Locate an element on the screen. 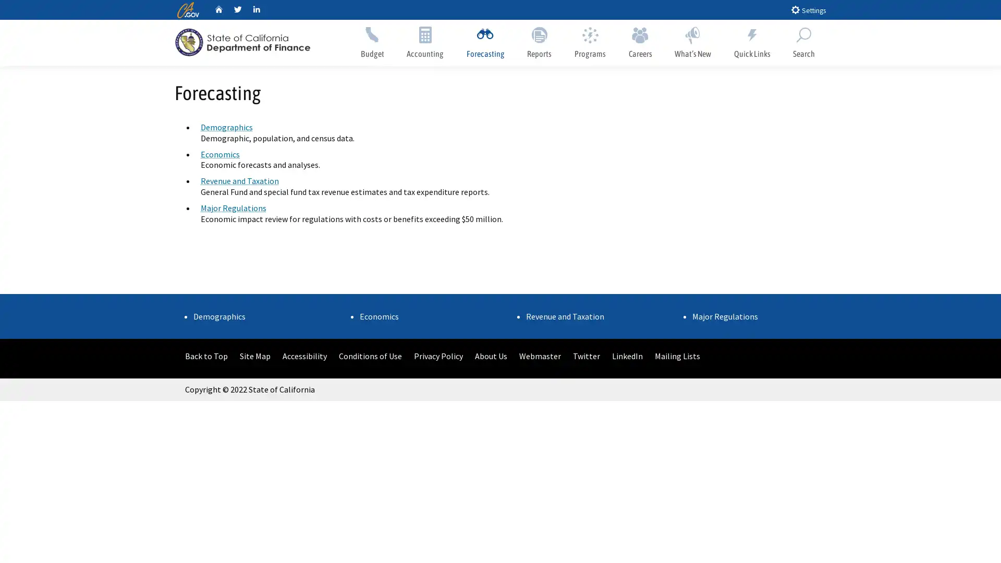 Image resolution: width=1001 pixels, height=563 pixels. Settings is located at coordinates (808, 9).